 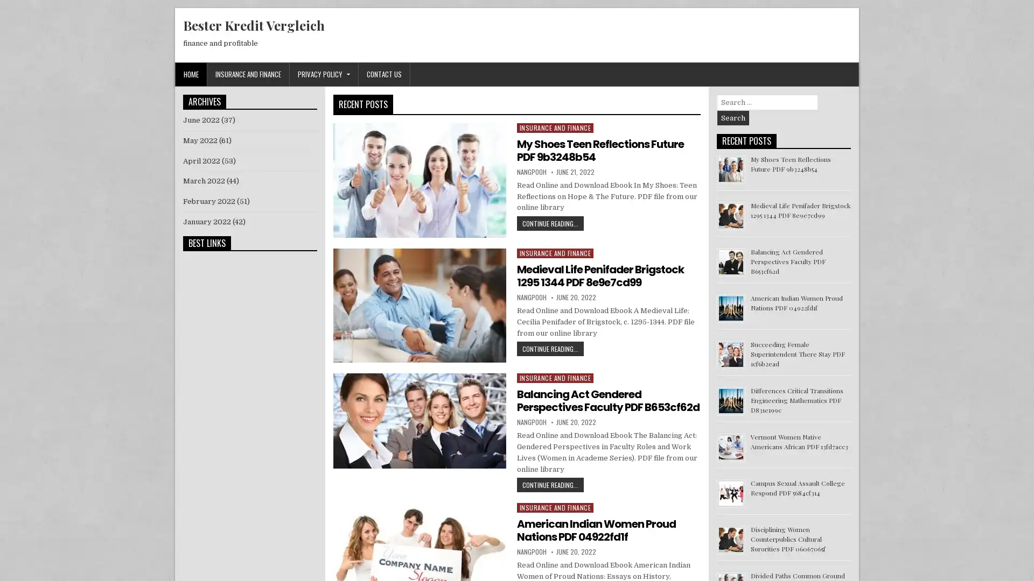 I want to click on Search, so click(x=732, y=118).